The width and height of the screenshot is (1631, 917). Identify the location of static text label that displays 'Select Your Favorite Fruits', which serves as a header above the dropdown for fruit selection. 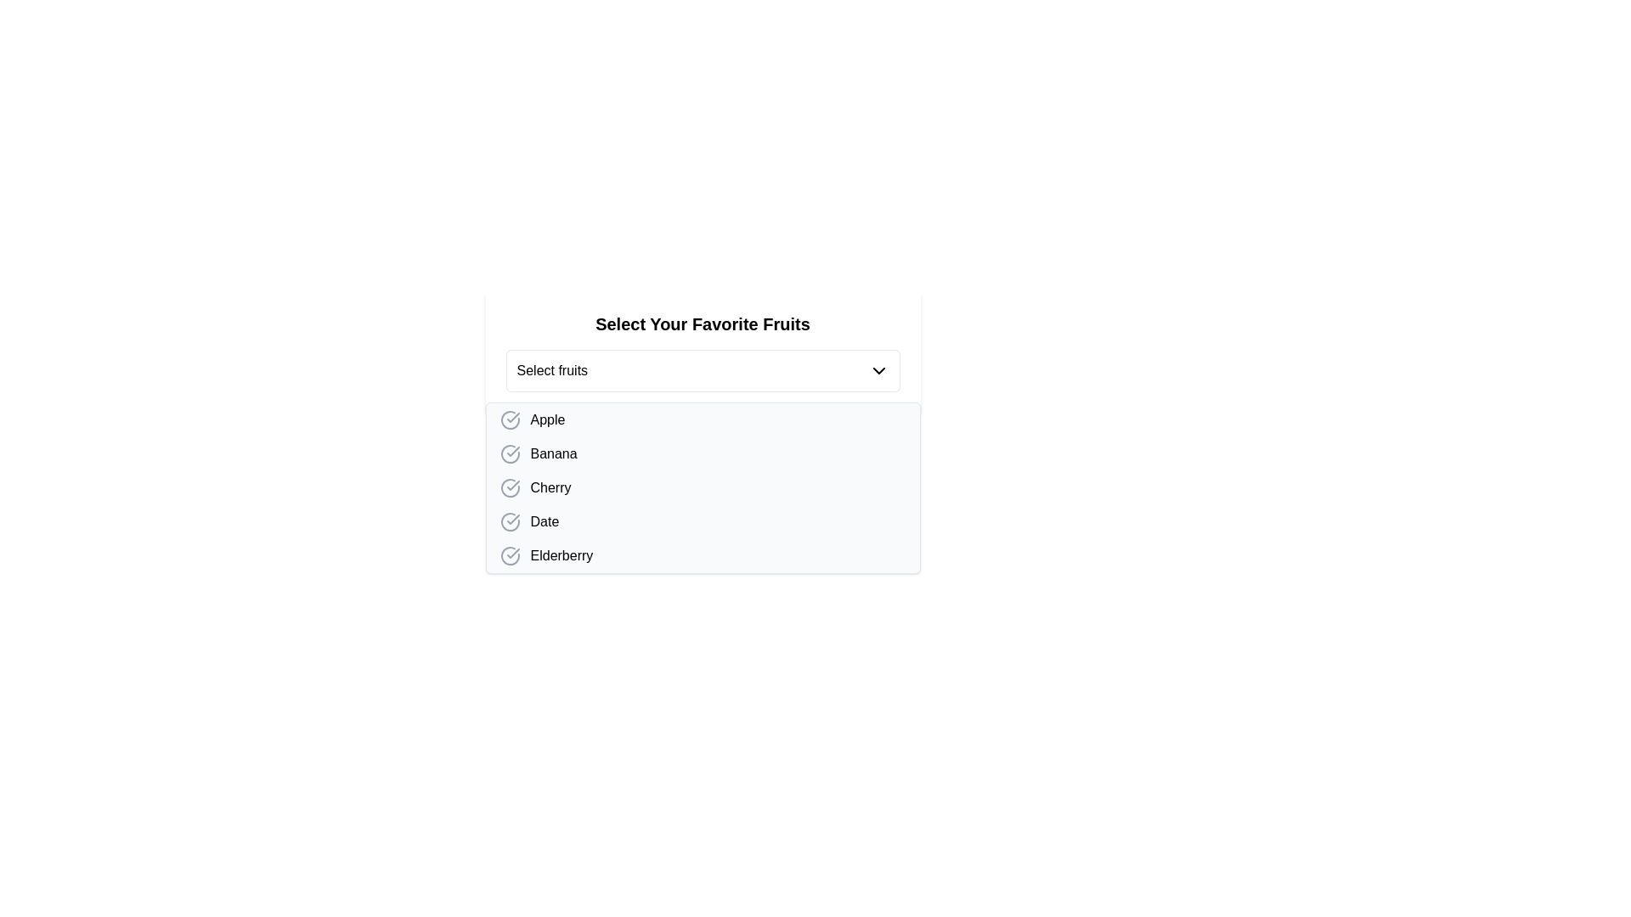
(703, 323).